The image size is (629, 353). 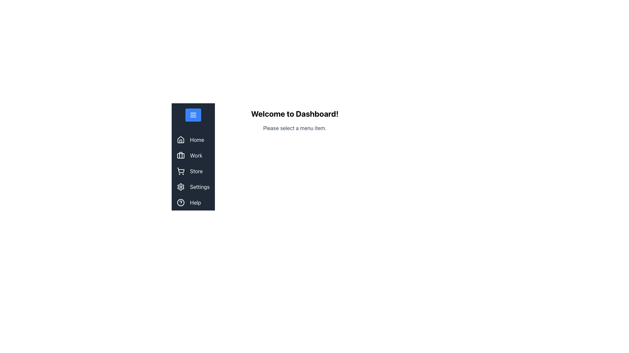 What do you see at coordinates (181, 202) in the screenshot?
I see `the help icon, which is a circular design with a question mark inside, located at the bottom of the vertical navigation menu next to the 'Help' label` at bounding box center [181, 202].